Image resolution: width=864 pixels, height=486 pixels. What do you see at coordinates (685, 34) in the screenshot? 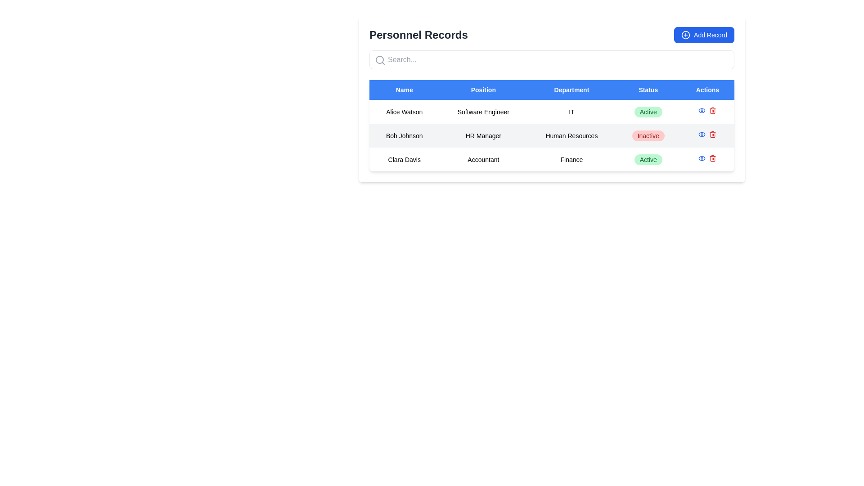
I see `the add record icon, which is located to the left of the 'Add Record' button, near its centerline` at bounding box center [685, 34].